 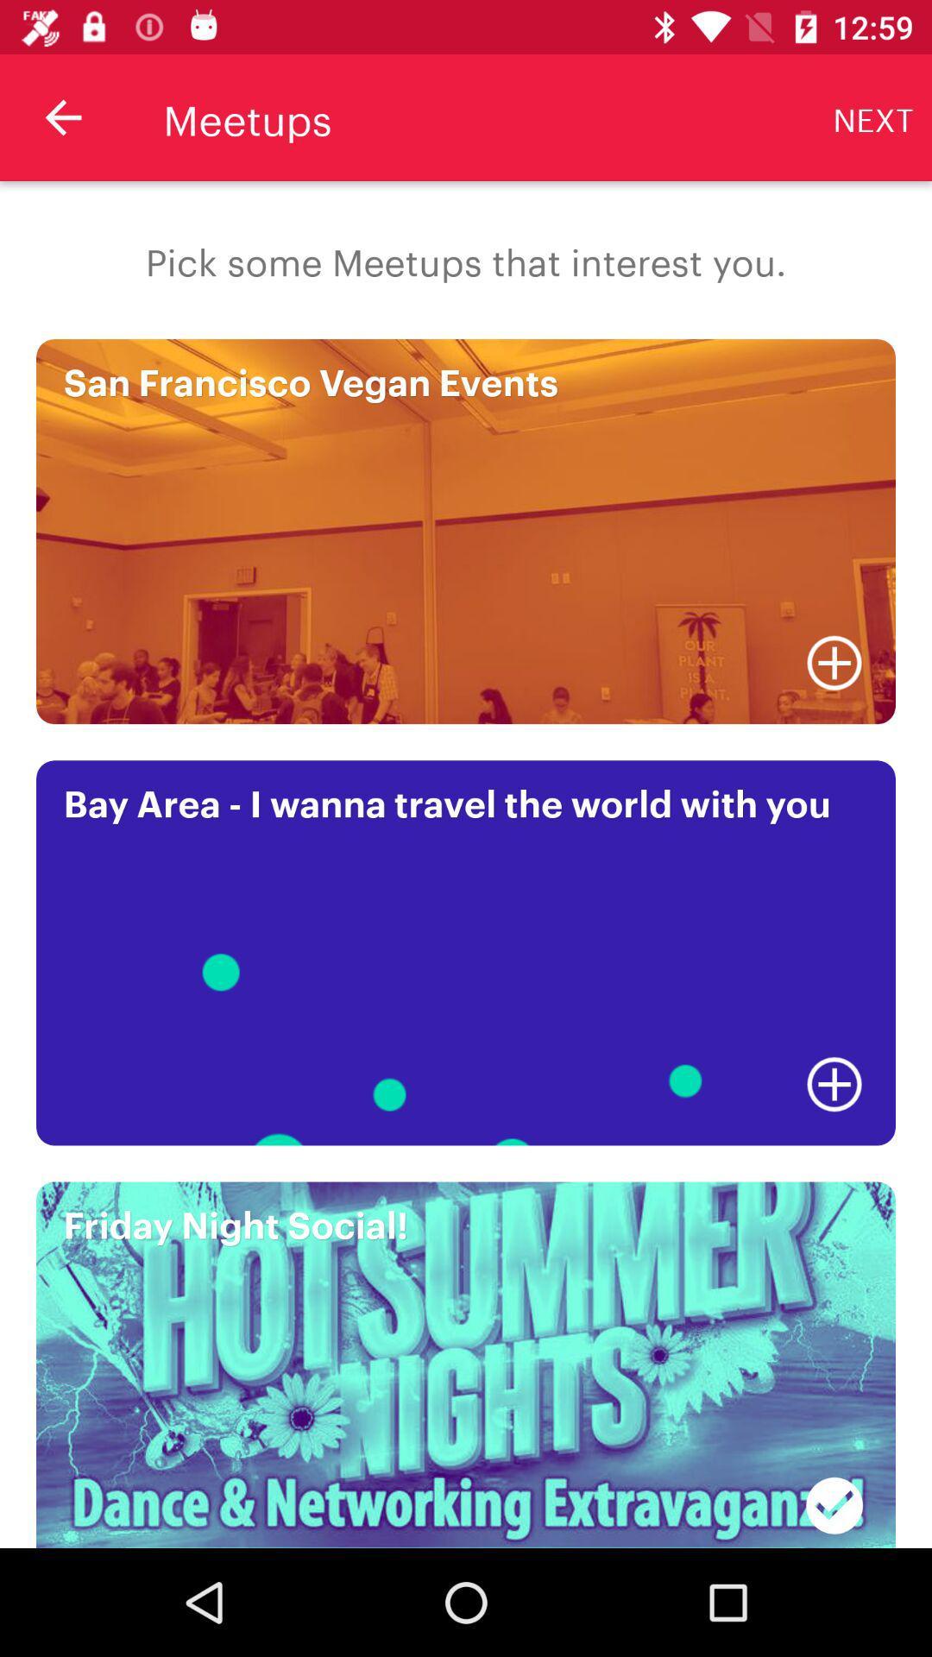 What do you see at coordinates (873, 117) in the screenshot?
I see `item at the top right corner` at bounding box center [873, 117].